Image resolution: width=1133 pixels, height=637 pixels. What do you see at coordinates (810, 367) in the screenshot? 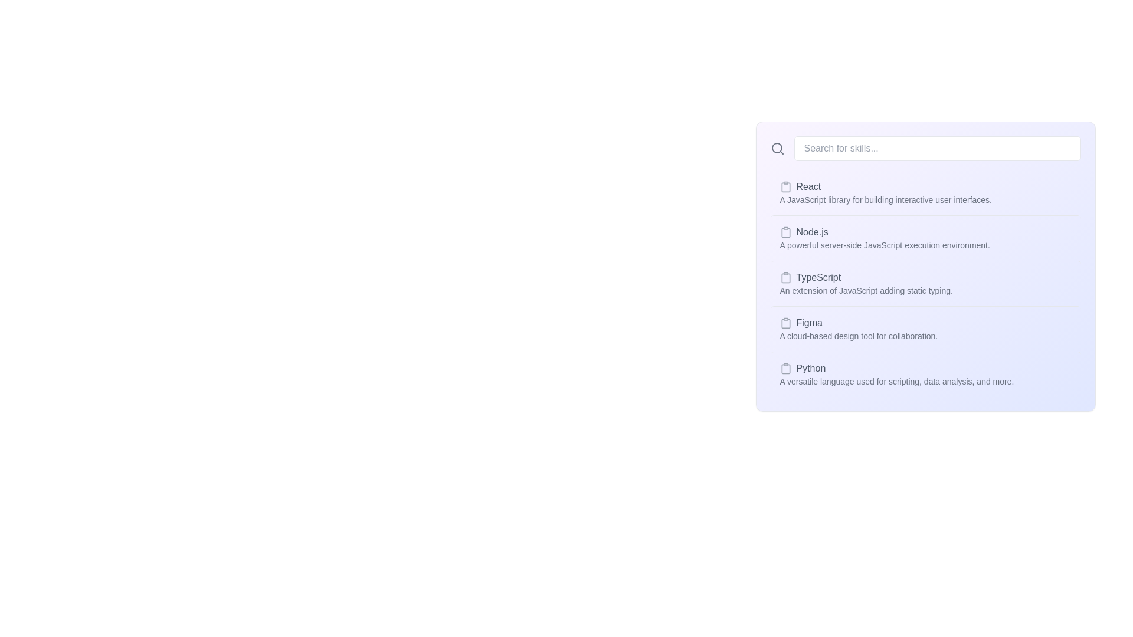
I see `text content of the 'Python' text label, which is the fifth item in the list displayed in the right panel` at bounding box center [810, 367].